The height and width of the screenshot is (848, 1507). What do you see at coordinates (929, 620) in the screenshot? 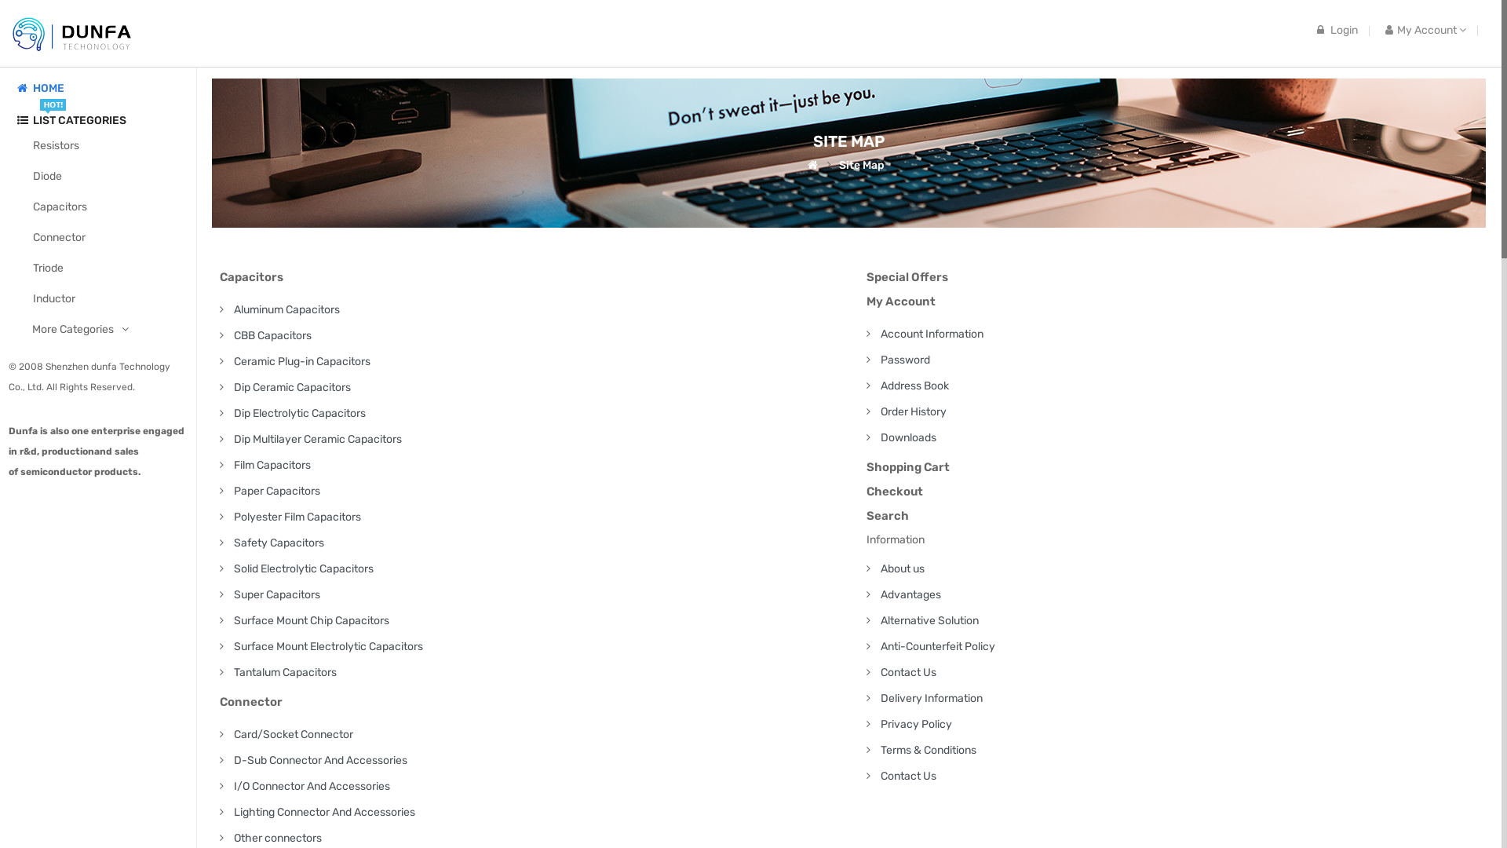
I see `'Alternative Solution'` at bounding box center [929, 620].